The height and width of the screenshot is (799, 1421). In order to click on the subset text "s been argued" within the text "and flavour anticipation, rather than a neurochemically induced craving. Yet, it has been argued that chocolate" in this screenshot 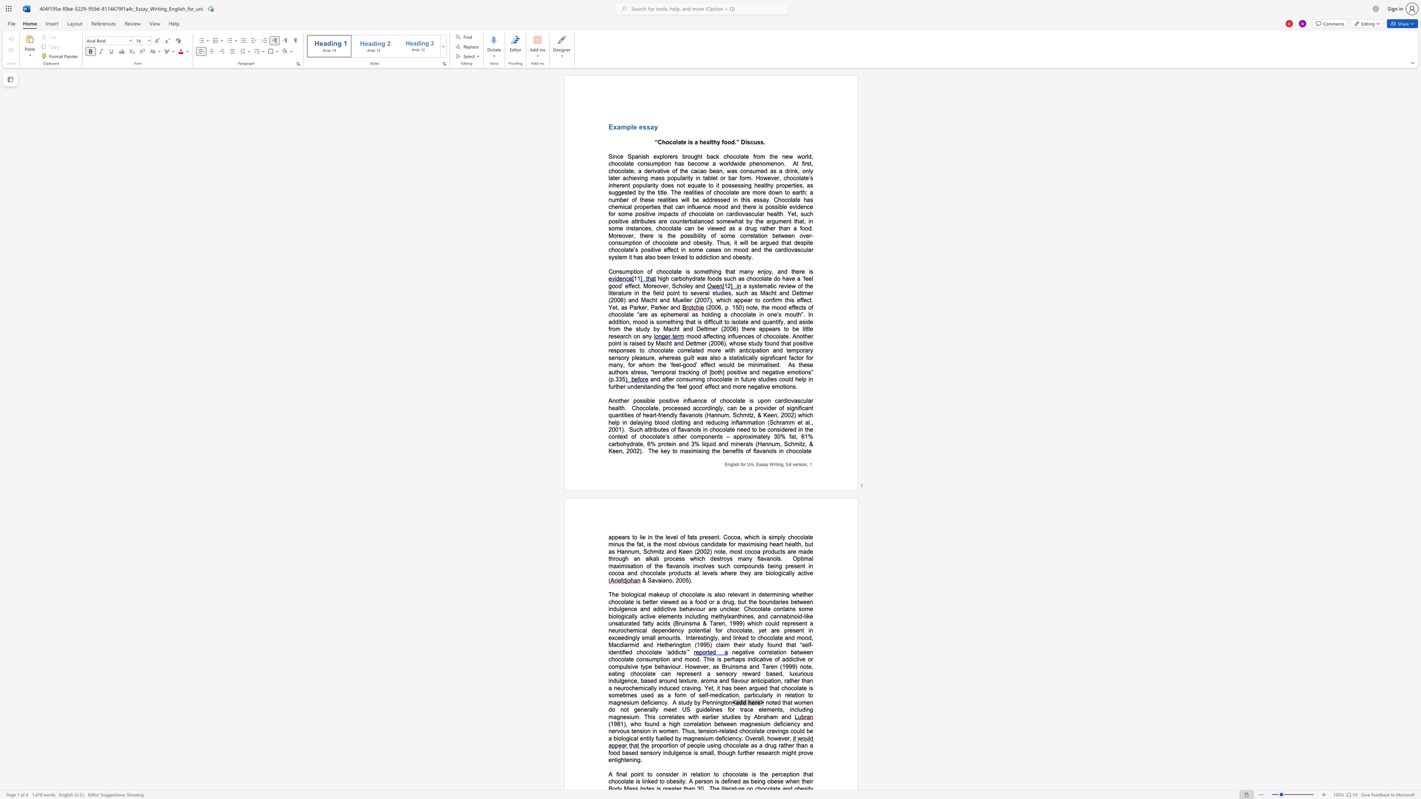, I will do `click(728, 688)`.